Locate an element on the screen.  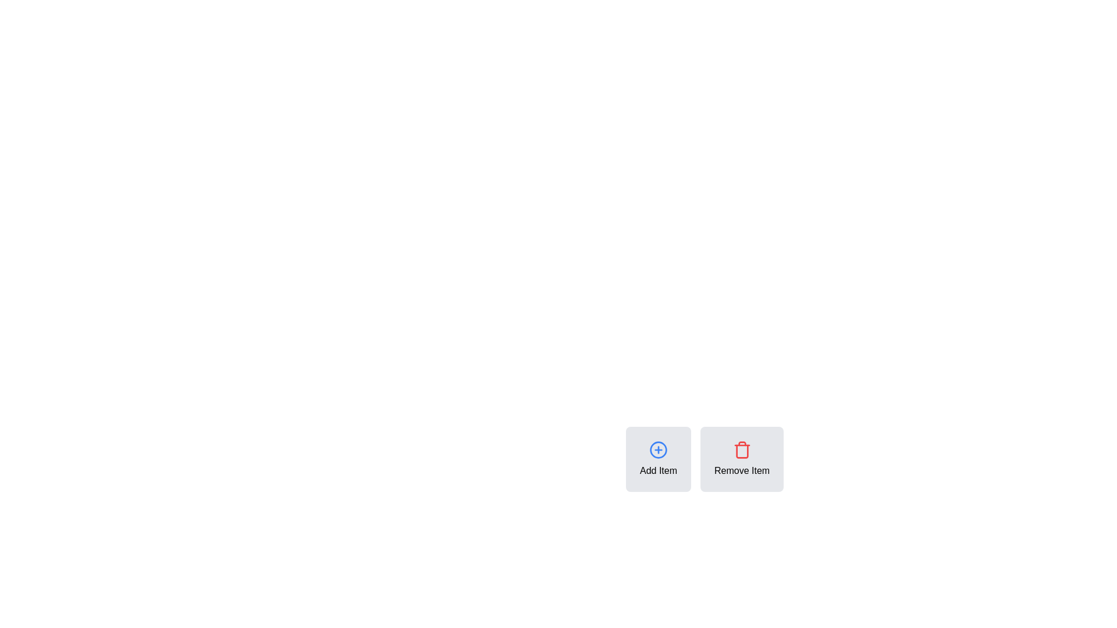
the circular icon with a blue outline located to the left of the 'Add Item' button is located at coordinates (659, 449).